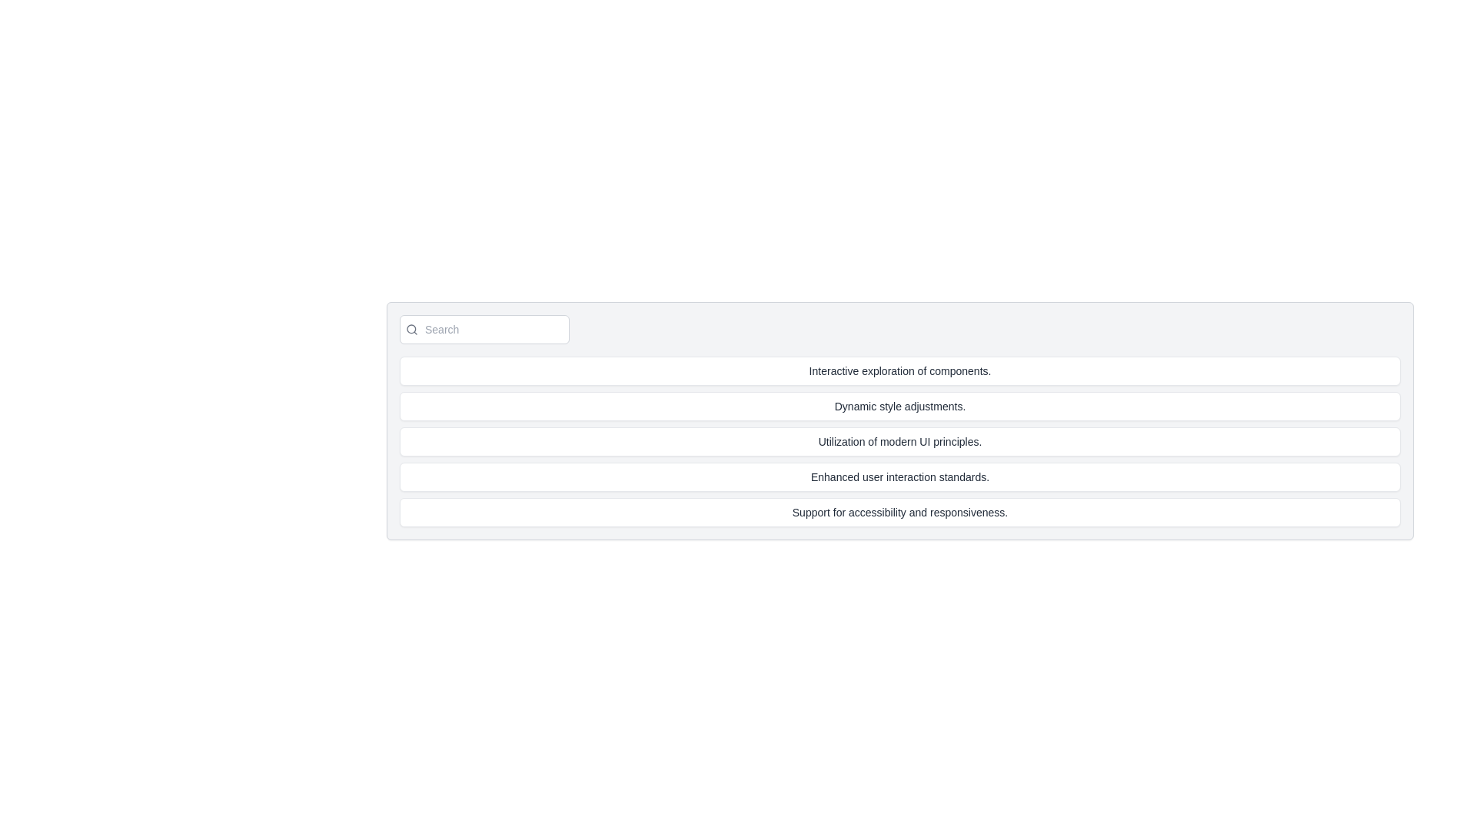 The image size is (1476, 830). I want to click on the text character located in the second line of text following 'Dynamic style adjustment', so click(926, 405).